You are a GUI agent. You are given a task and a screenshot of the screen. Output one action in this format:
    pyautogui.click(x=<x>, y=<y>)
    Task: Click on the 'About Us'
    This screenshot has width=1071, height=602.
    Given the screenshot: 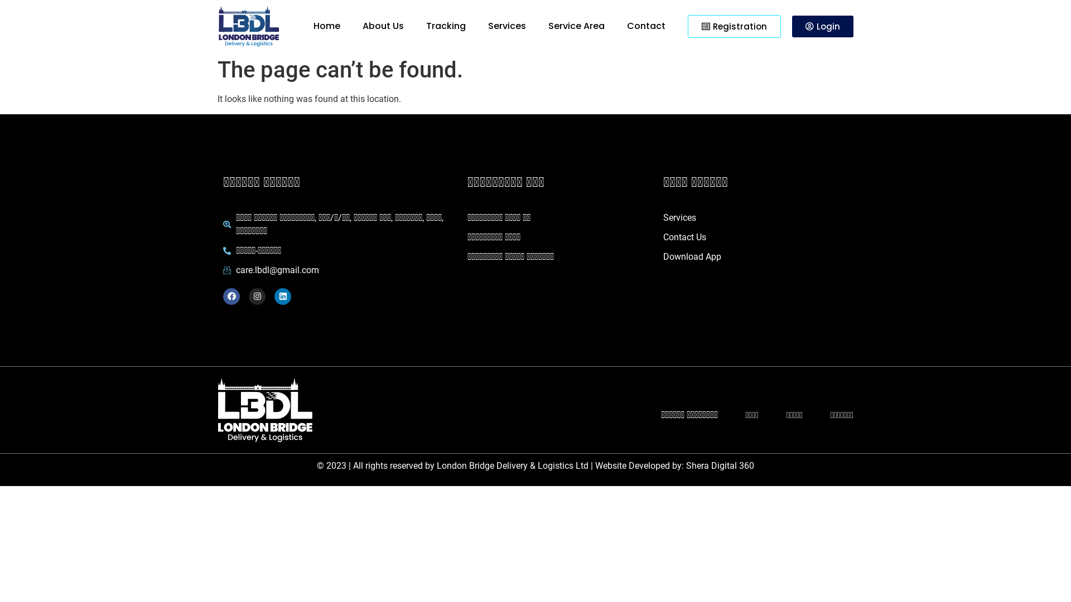 What is the action you would take?
    pyautogui.click(x=383, y=25)
    